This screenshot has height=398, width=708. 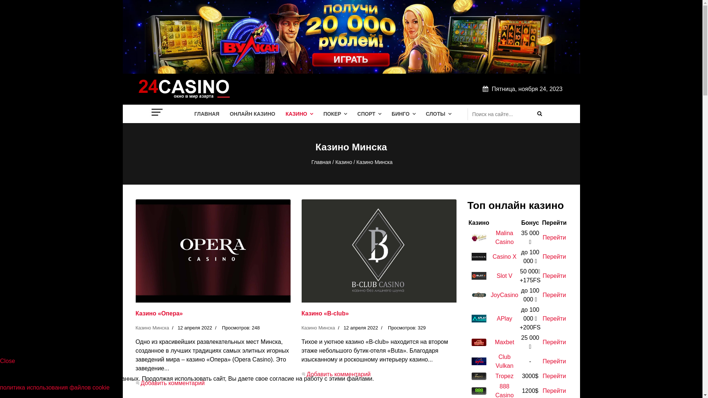 I want to click on 'Close', so click(x=7, y=360).